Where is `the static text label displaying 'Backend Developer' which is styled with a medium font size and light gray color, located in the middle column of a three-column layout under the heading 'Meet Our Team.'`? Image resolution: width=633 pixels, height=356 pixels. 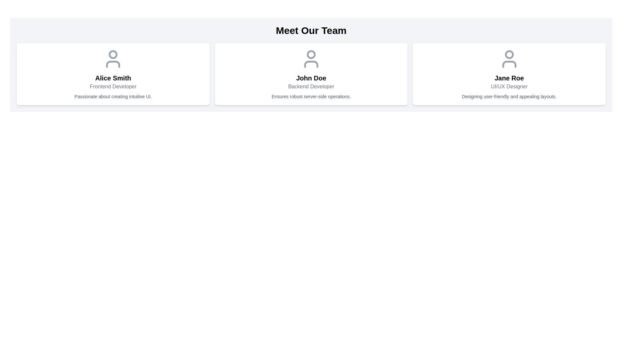
the static text label displaying 'Backend Developer' which is styled with a medium font size and light gray color, located in the middle column of a three-column layout under the heading 'Meet Our Team.' is located at coordinates (311, 86).